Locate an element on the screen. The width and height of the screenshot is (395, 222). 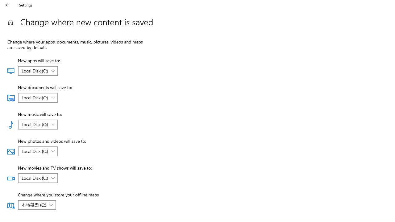
'New photos and videos will save to:' is located at coordinates (37, 151).